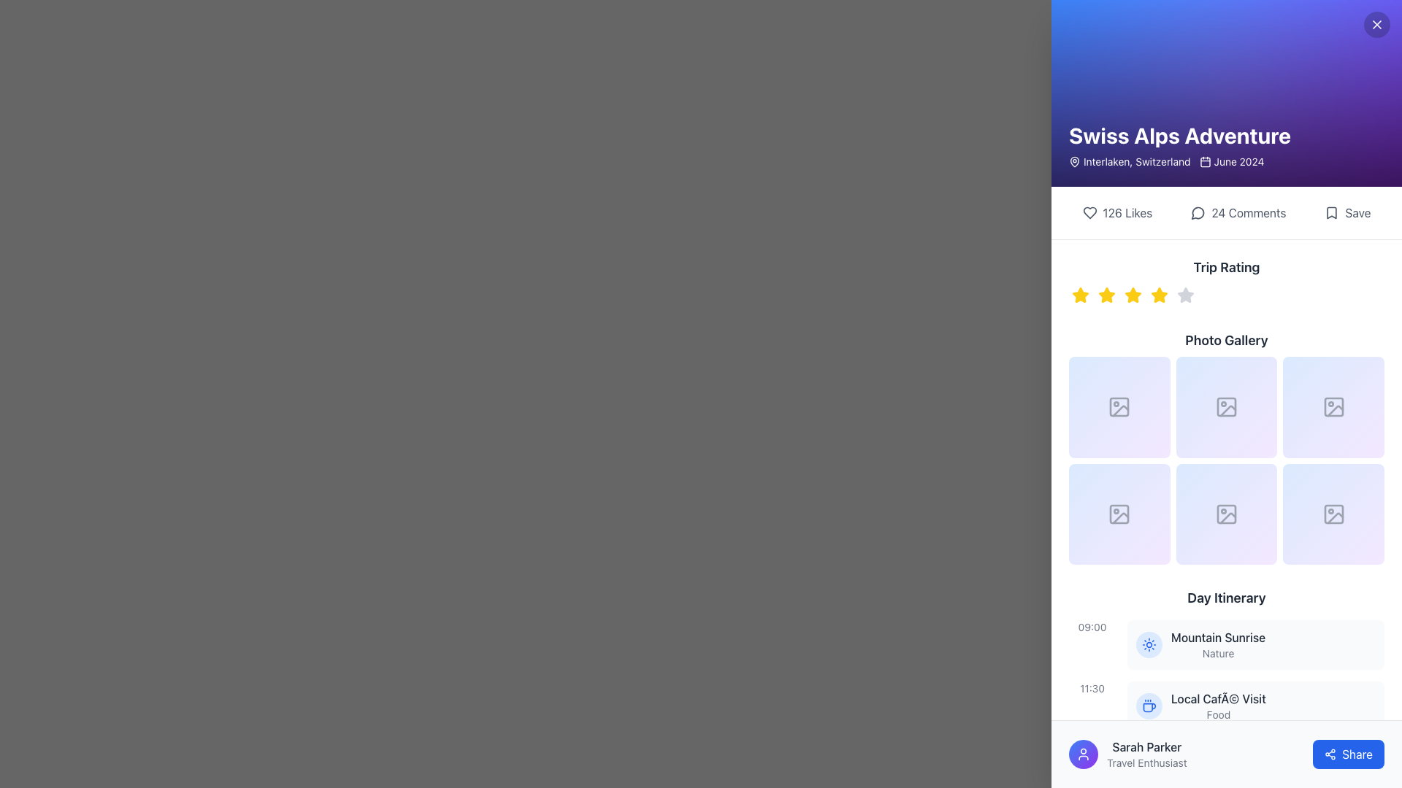 This screenshot has width=1402, height=788. I want to click on the gray photo placeholder icon in the second row and third column of the photo gallery grid, so click(1227, 407).